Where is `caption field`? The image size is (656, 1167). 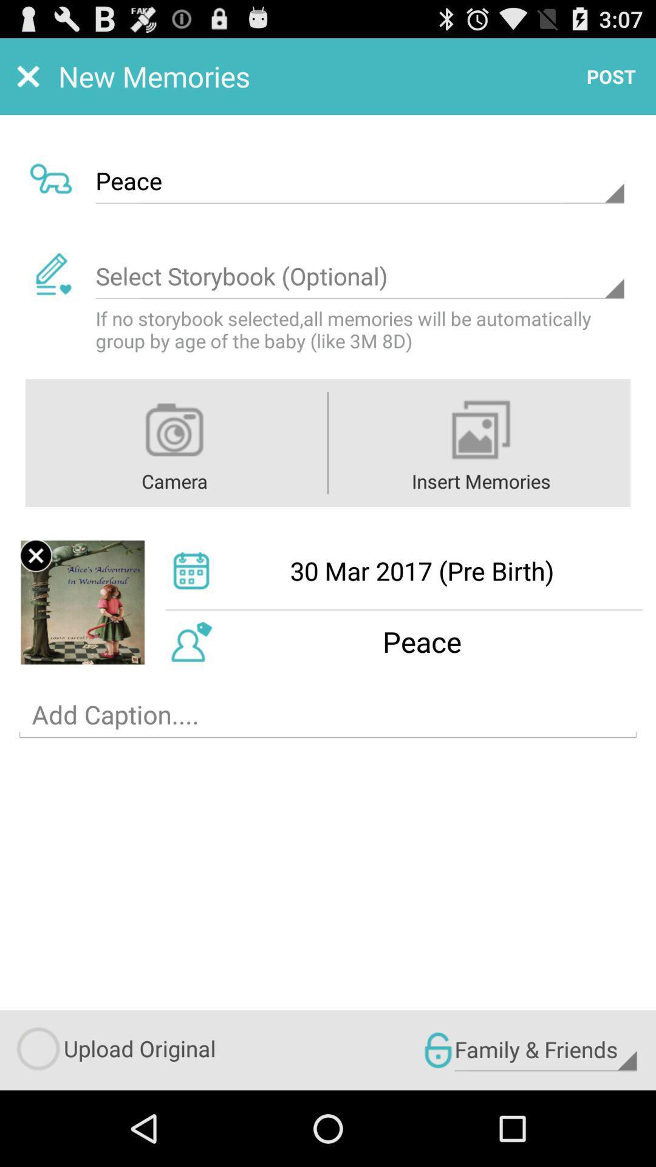 caption field is located at coordinates (328, 715).